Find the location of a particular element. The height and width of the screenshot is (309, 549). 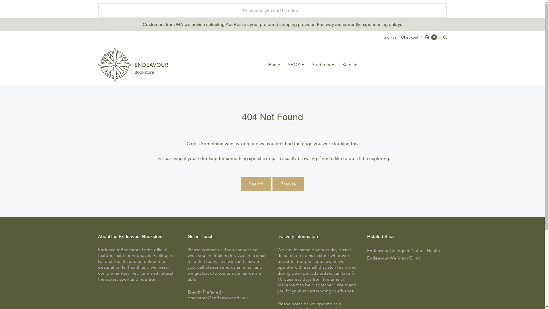

'Endeavour Wellness Clinic' is located at coordinates (407, 258).